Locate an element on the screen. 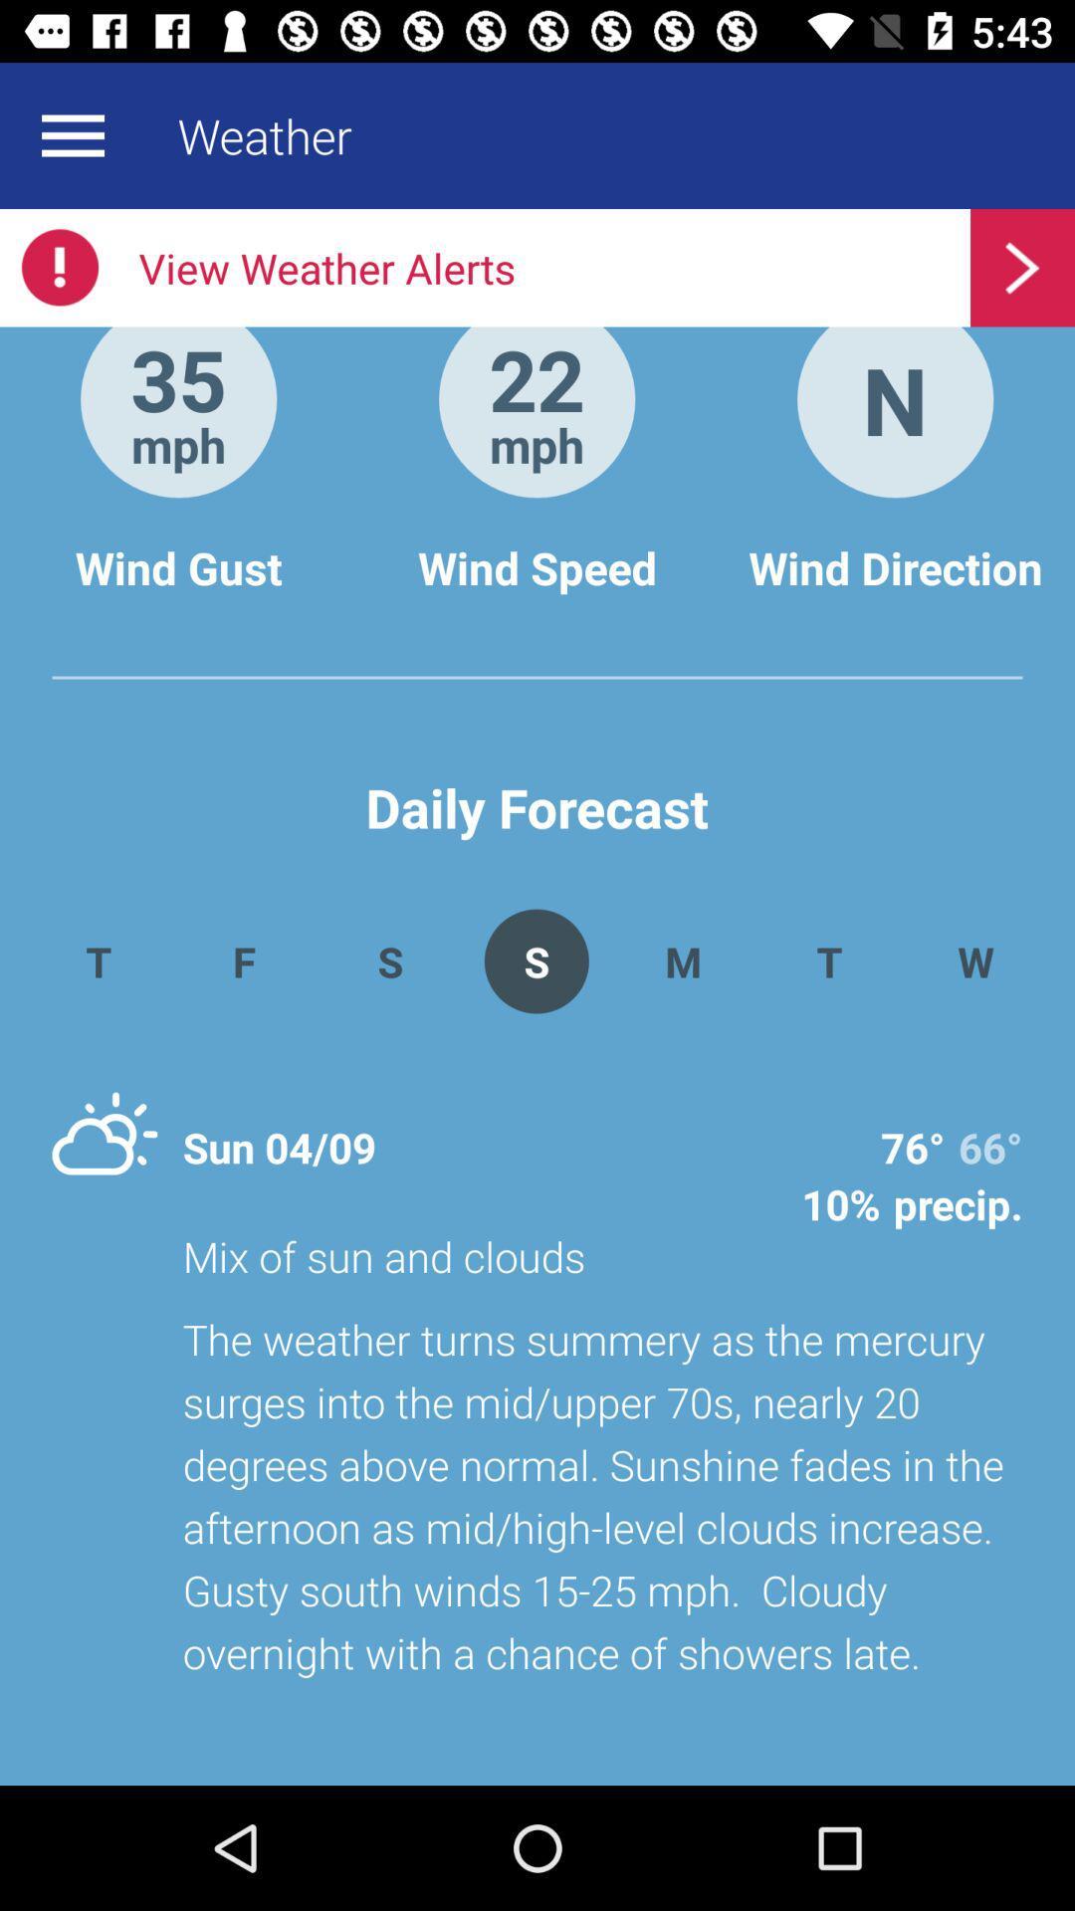 The width and height of the screenshot is (1075, 1911). menu bar button is located at coordinates (72, 134).